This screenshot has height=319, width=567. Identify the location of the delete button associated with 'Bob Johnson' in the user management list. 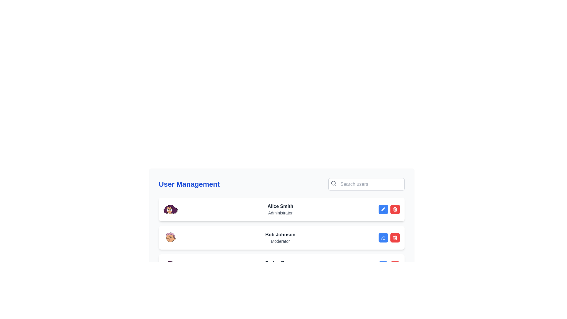
(395, 209).